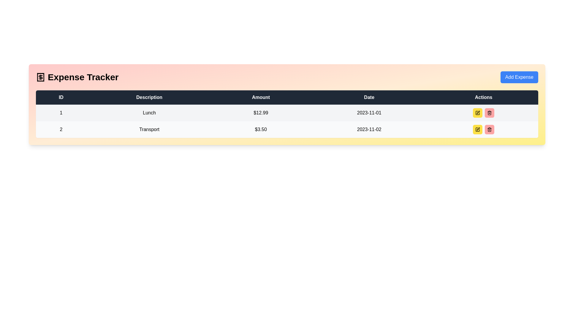 This screenshot has width=570, height=321. Describe the element at coordinates (490, 113) in the screenshot. I see `the delete icon button located in the 'Actions' column of the second row in the table` at that location.